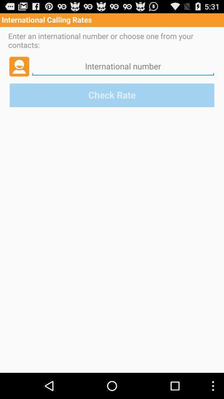 The image size is (224, 399). I want to click on choose contact, so click(19, 66).